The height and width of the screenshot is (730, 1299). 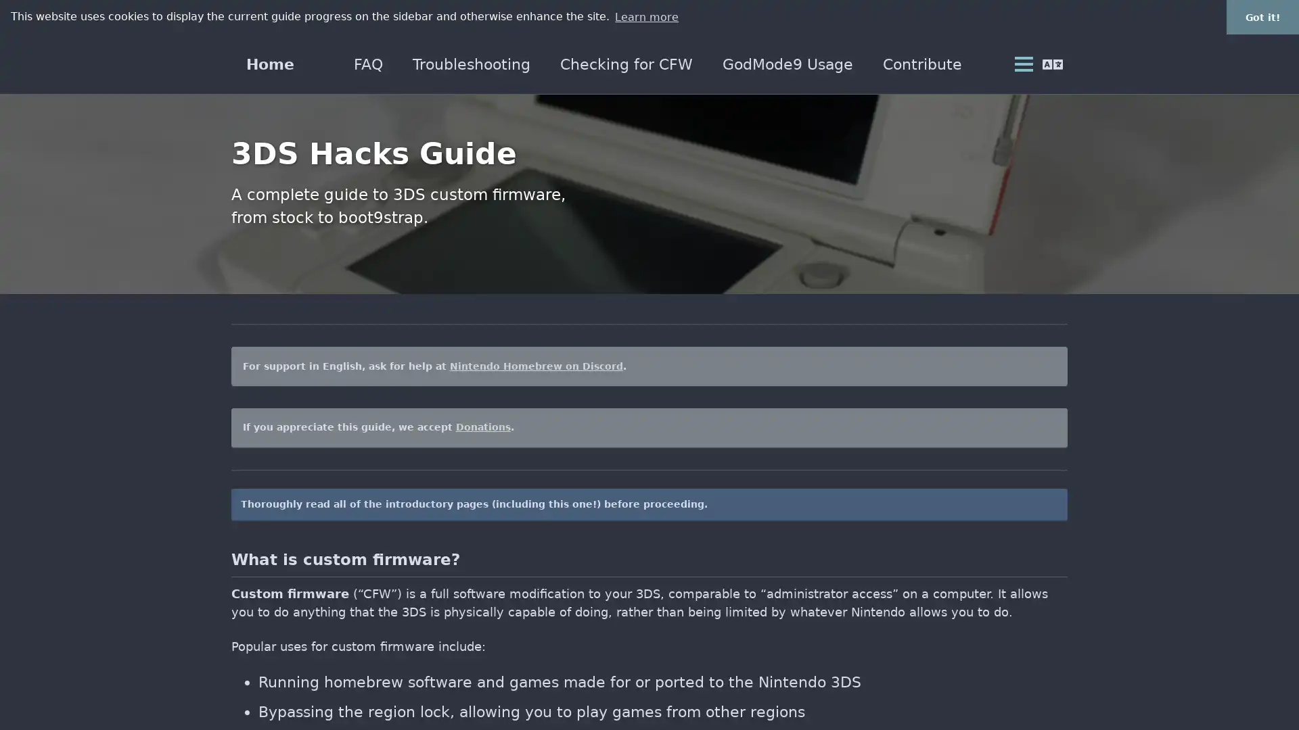 What do you see at coordinates (1022, 64) in the screenshot?
I see `Toggle Menu` at bounding box center [1022, 64].